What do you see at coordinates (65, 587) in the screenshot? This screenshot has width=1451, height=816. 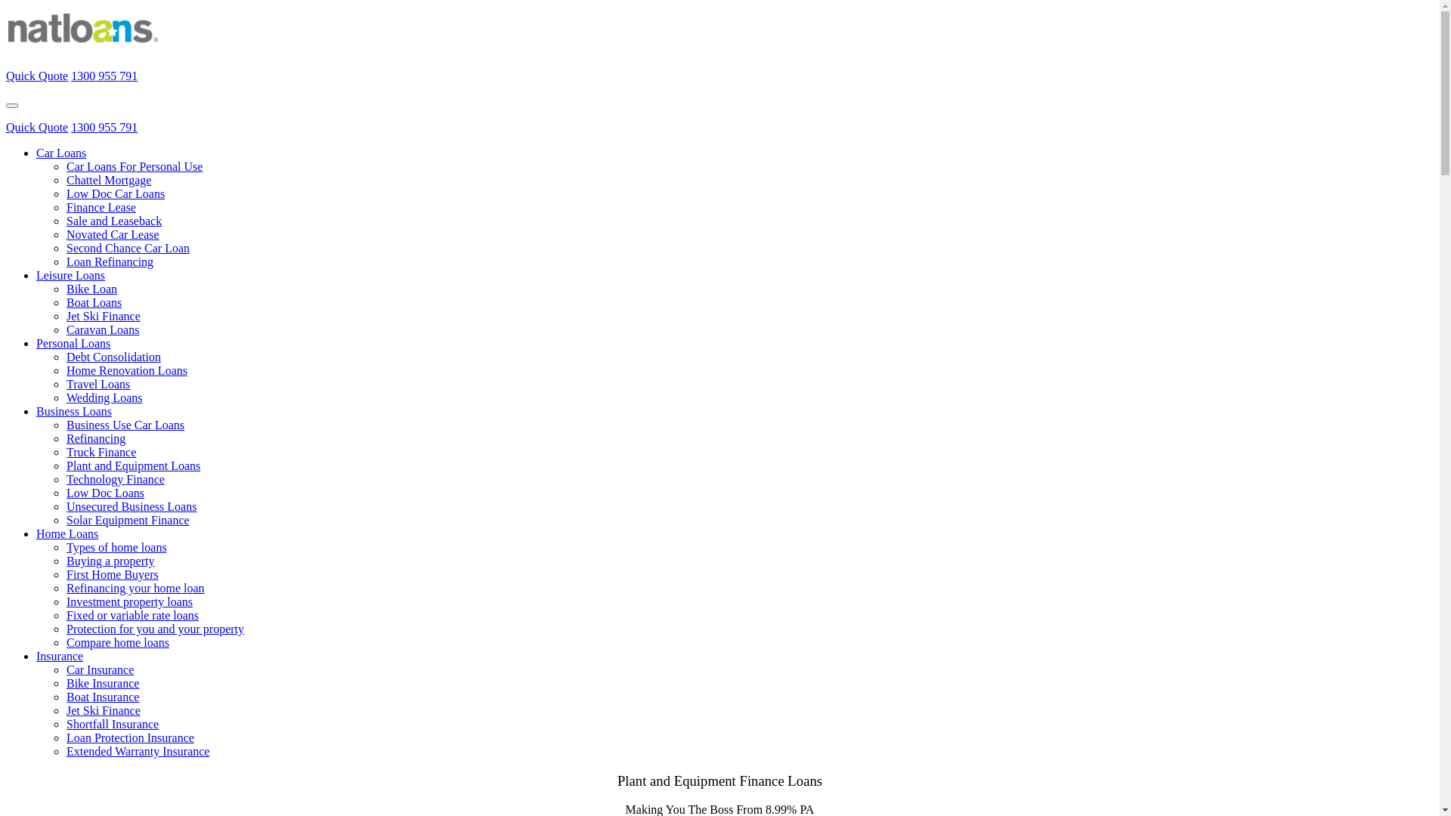 I see `'Refinancing your home loan'` at bounding box center [65, 587].